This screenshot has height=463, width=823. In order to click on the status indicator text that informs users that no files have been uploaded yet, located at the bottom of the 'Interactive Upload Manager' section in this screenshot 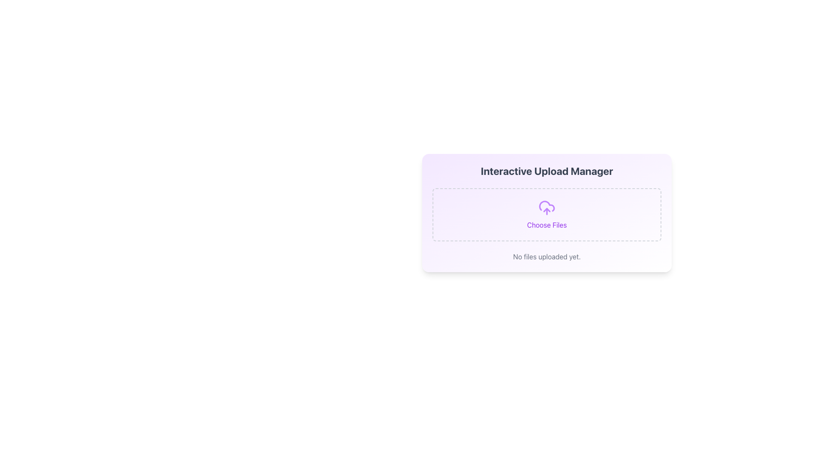, I will do `click(547, 256)`.